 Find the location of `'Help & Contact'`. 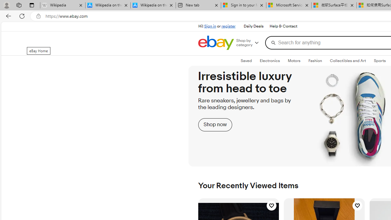

'Help & Contact' is located at coordinates (283, 26).